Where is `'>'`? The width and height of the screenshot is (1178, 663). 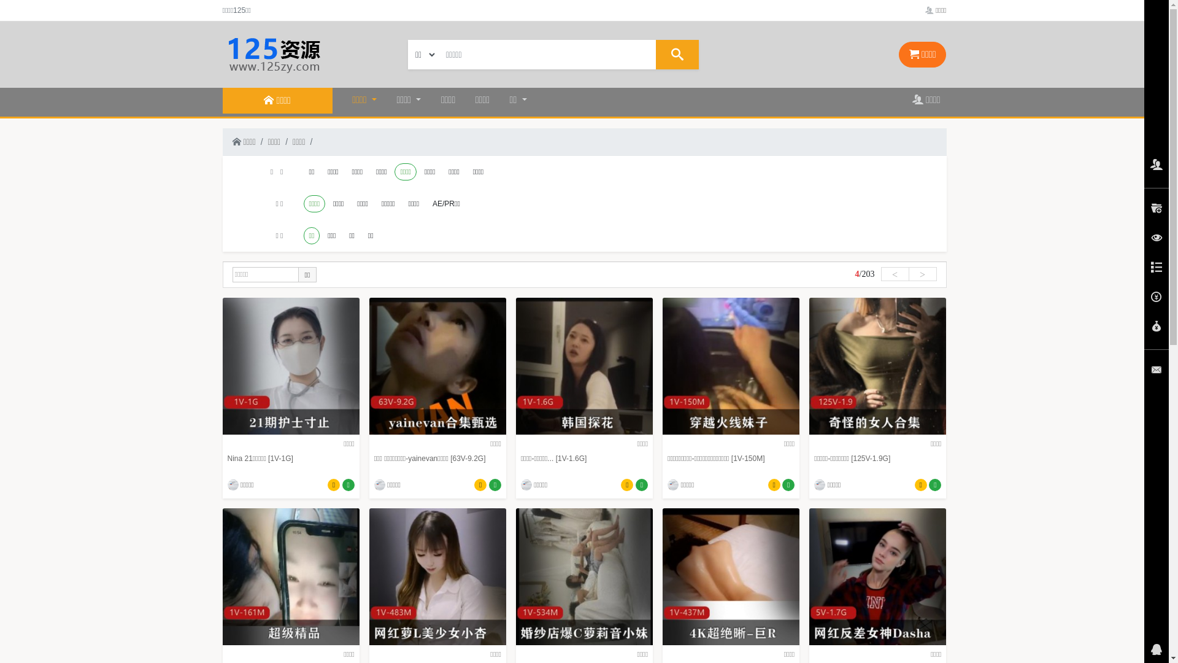
'>' is located at coordinates (922, 273).